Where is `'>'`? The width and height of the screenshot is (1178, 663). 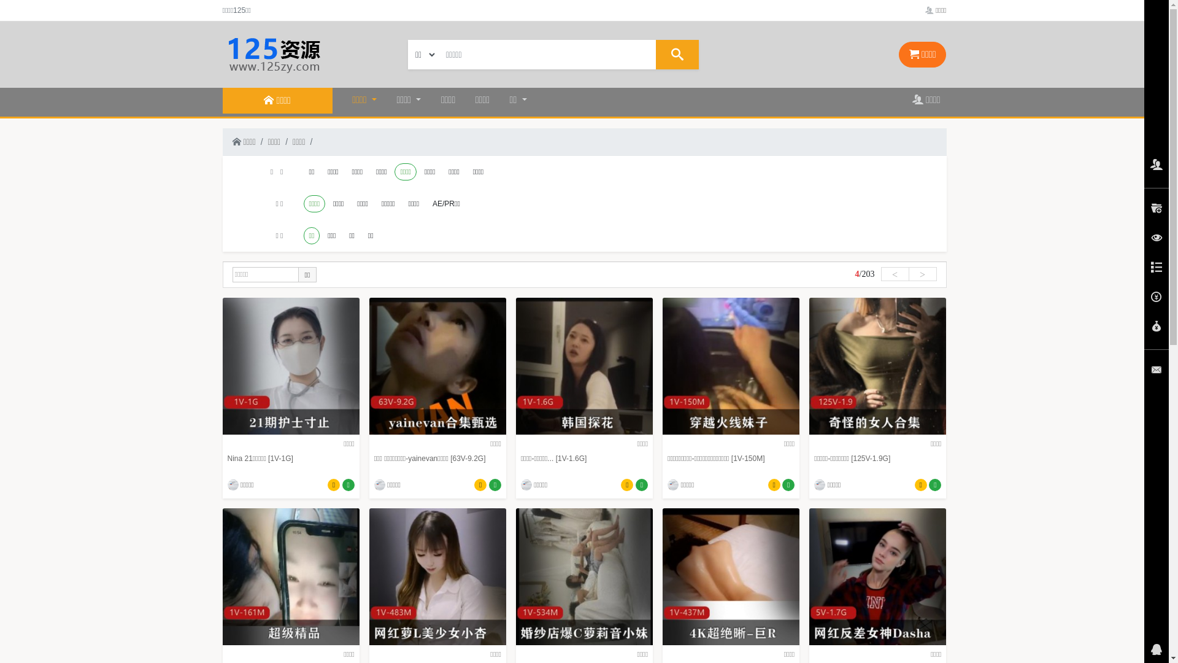
'>' is located at coordinates (922, 273).